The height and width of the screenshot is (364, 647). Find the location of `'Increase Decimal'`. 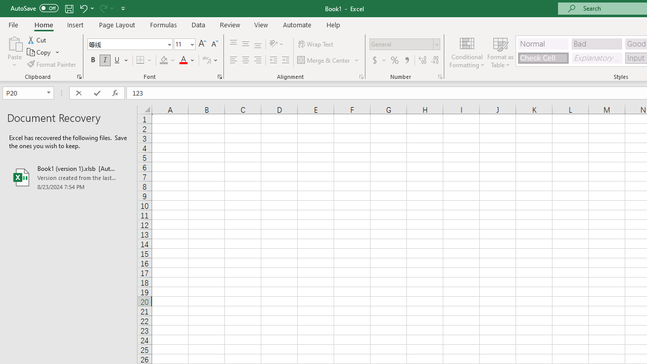

'Increase Decimal' is located at coordinates (423, 60).